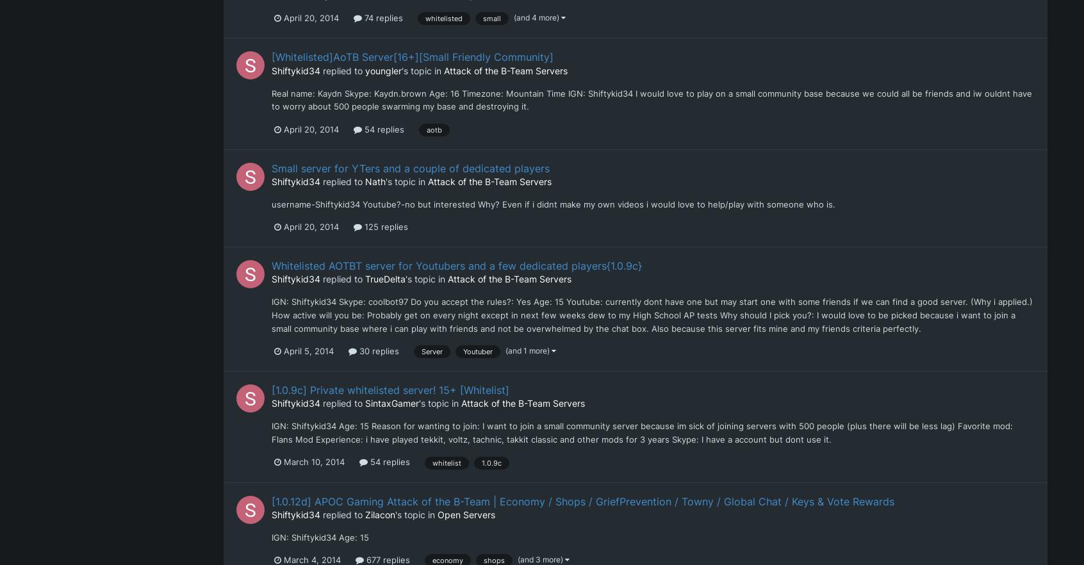 The height and width of the screenshot is (565, 1084). Describe the element at coordinates (313, 462) in the screenshot. I see `'March 10, 2014'` at that location.